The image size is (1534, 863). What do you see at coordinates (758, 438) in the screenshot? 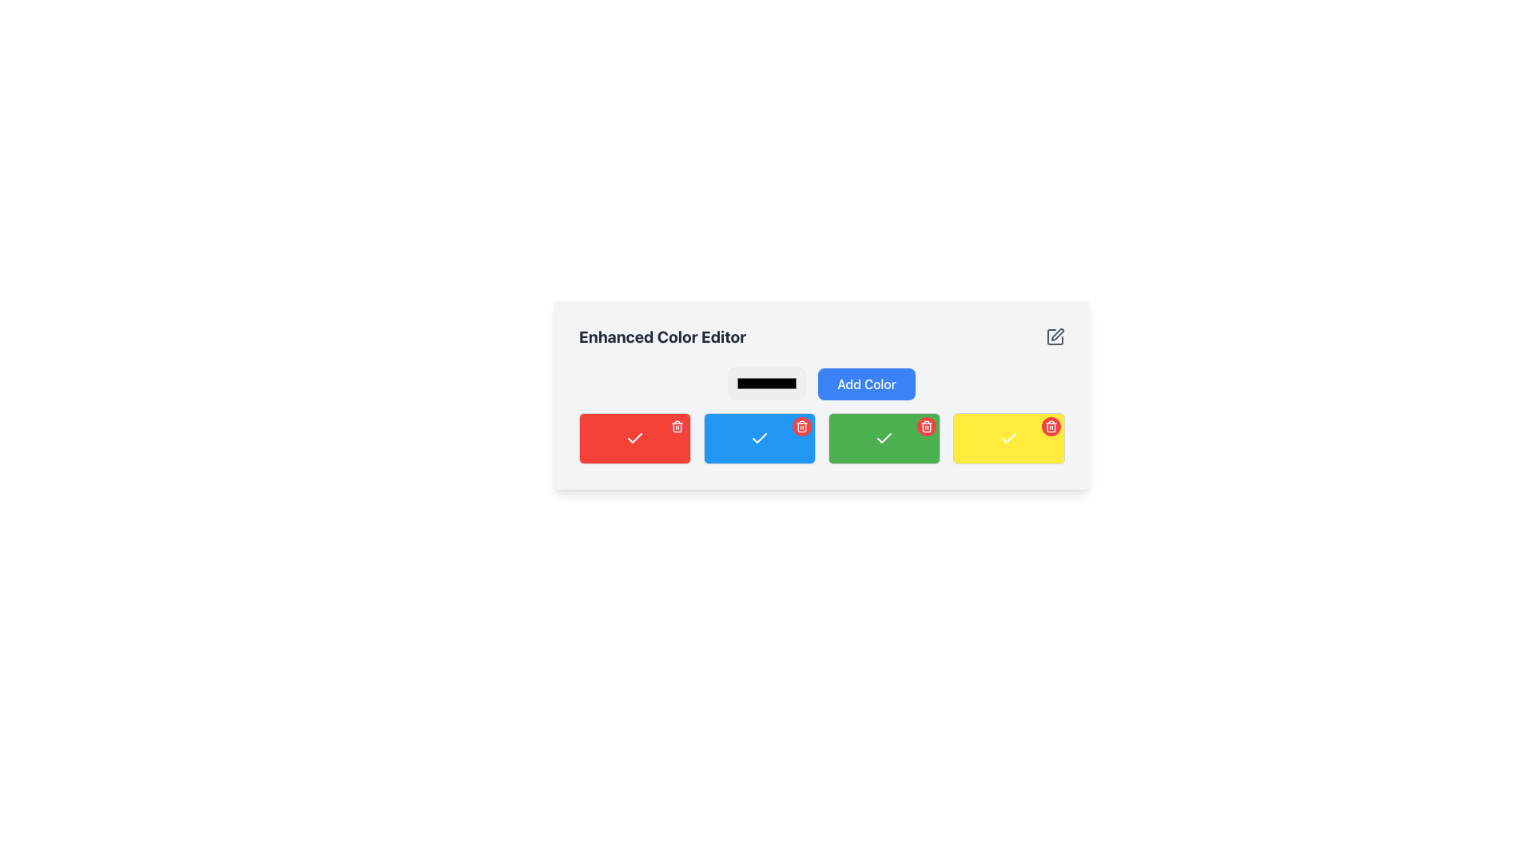
I see `the second box from the left in the color selection interface` at bounding box center [758, 438].